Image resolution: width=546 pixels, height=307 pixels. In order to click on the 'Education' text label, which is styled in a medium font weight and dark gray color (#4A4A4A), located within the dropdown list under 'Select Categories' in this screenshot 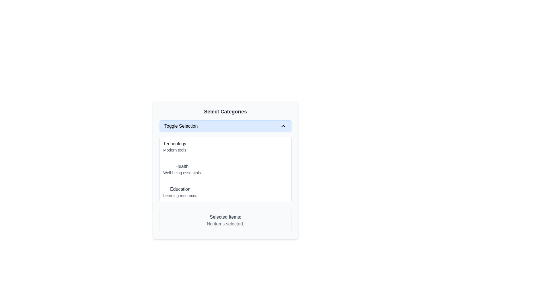, I will do `click(180, 189)`.